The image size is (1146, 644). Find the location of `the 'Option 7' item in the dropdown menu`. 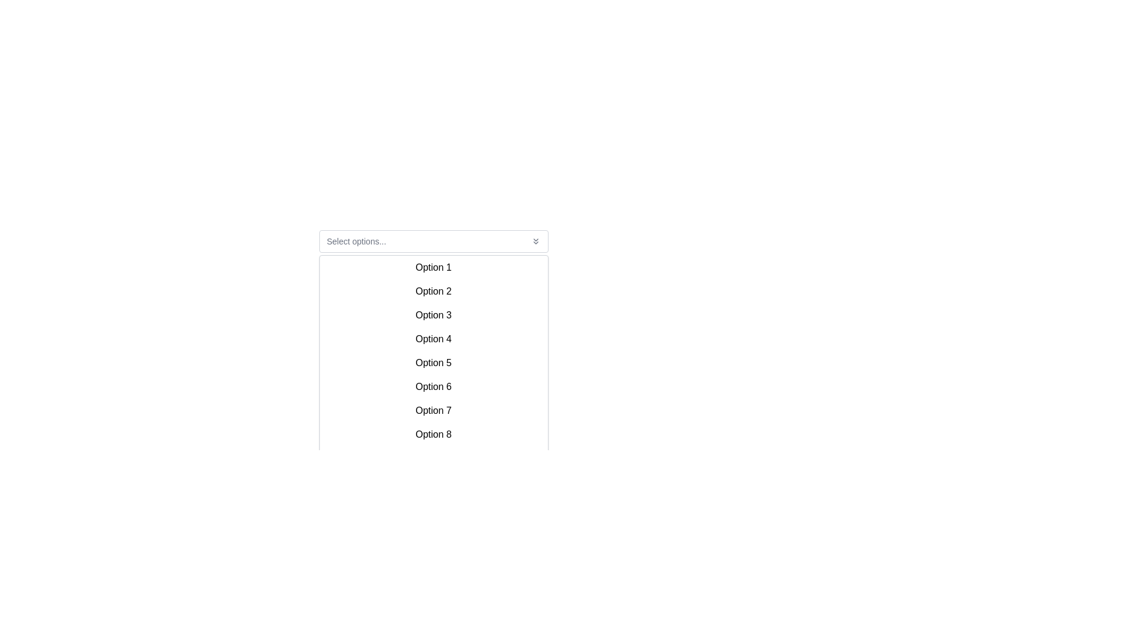

the 'Option 7' item in the dropdown menu is located at coordinates (433, 410).